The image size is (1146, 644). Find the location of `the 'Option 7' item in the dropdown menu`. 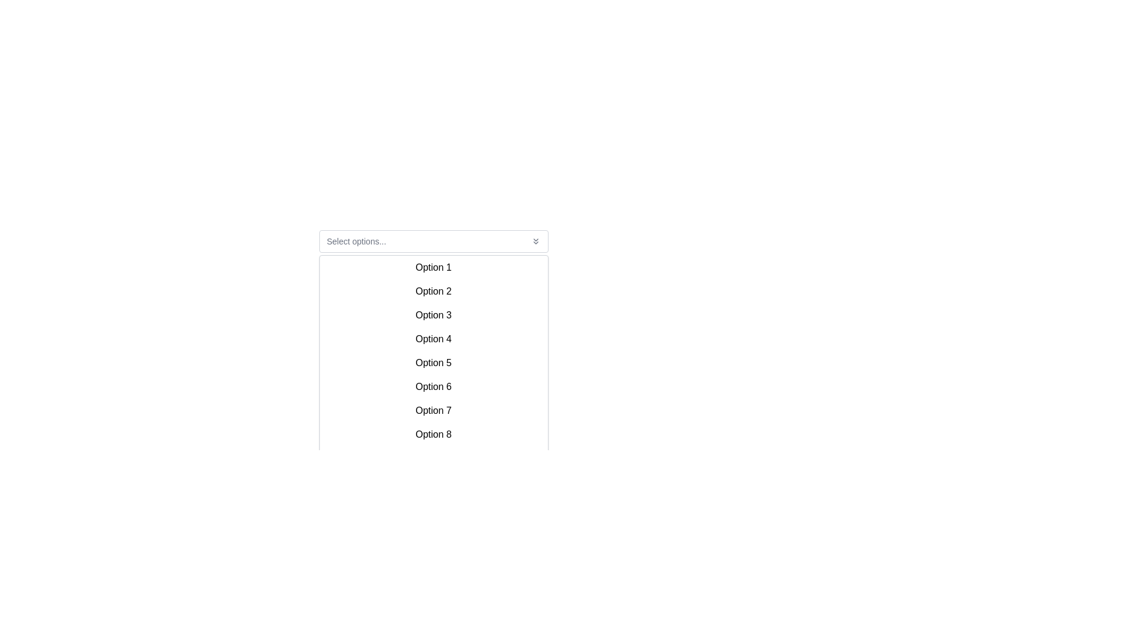

the 'Option 7' item in the dropdown menu is located at coordinates (433, 410).